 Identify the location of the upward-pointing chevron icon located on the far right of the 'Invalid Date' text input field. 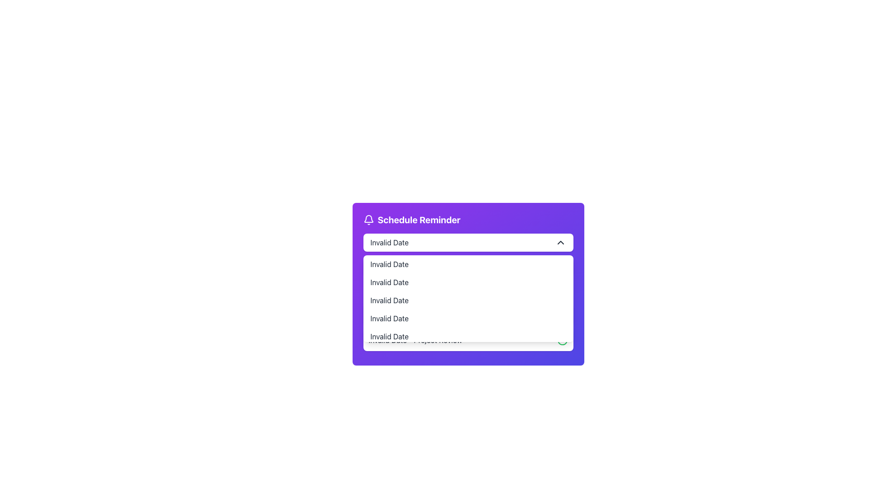
(560, 242).